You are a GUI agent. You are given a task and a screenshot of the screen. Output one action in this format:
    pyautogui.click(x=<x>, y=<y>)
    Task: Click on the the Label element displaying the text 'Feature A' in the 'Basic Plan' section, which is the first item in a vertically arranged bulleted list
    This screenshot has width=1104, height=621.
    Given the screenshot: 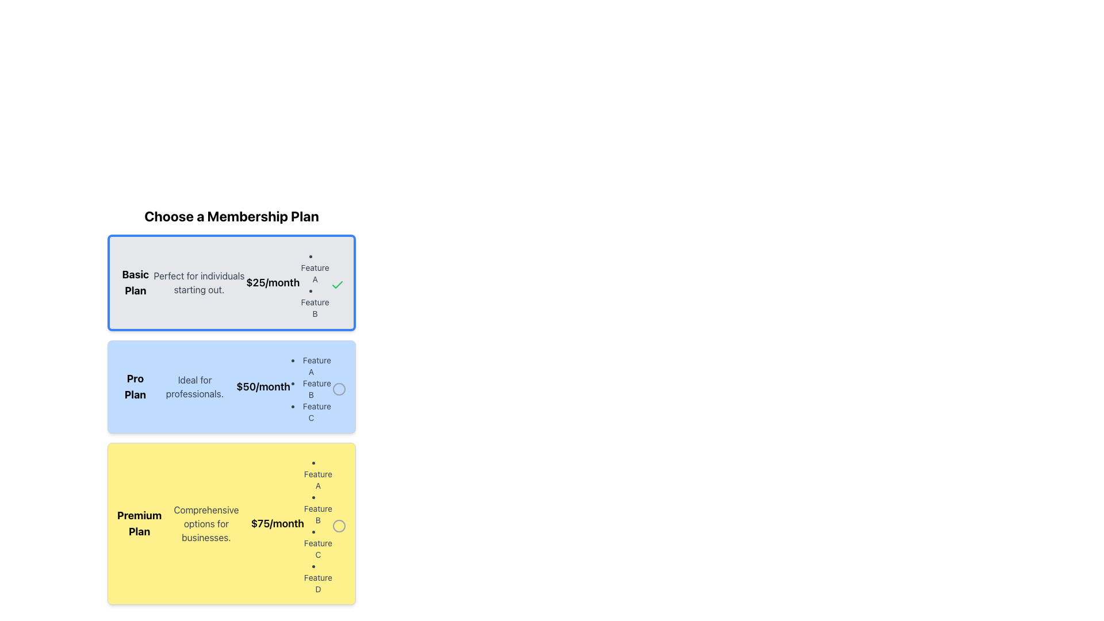 What is the action you would take?
    pyautogui.click(x=315, y=268)
    